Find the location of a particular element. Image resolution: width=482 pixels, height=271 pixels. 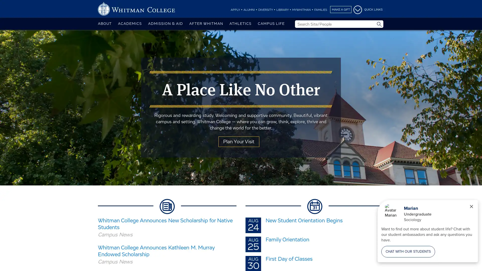

Submit Search is located at coordinates (379, 24).